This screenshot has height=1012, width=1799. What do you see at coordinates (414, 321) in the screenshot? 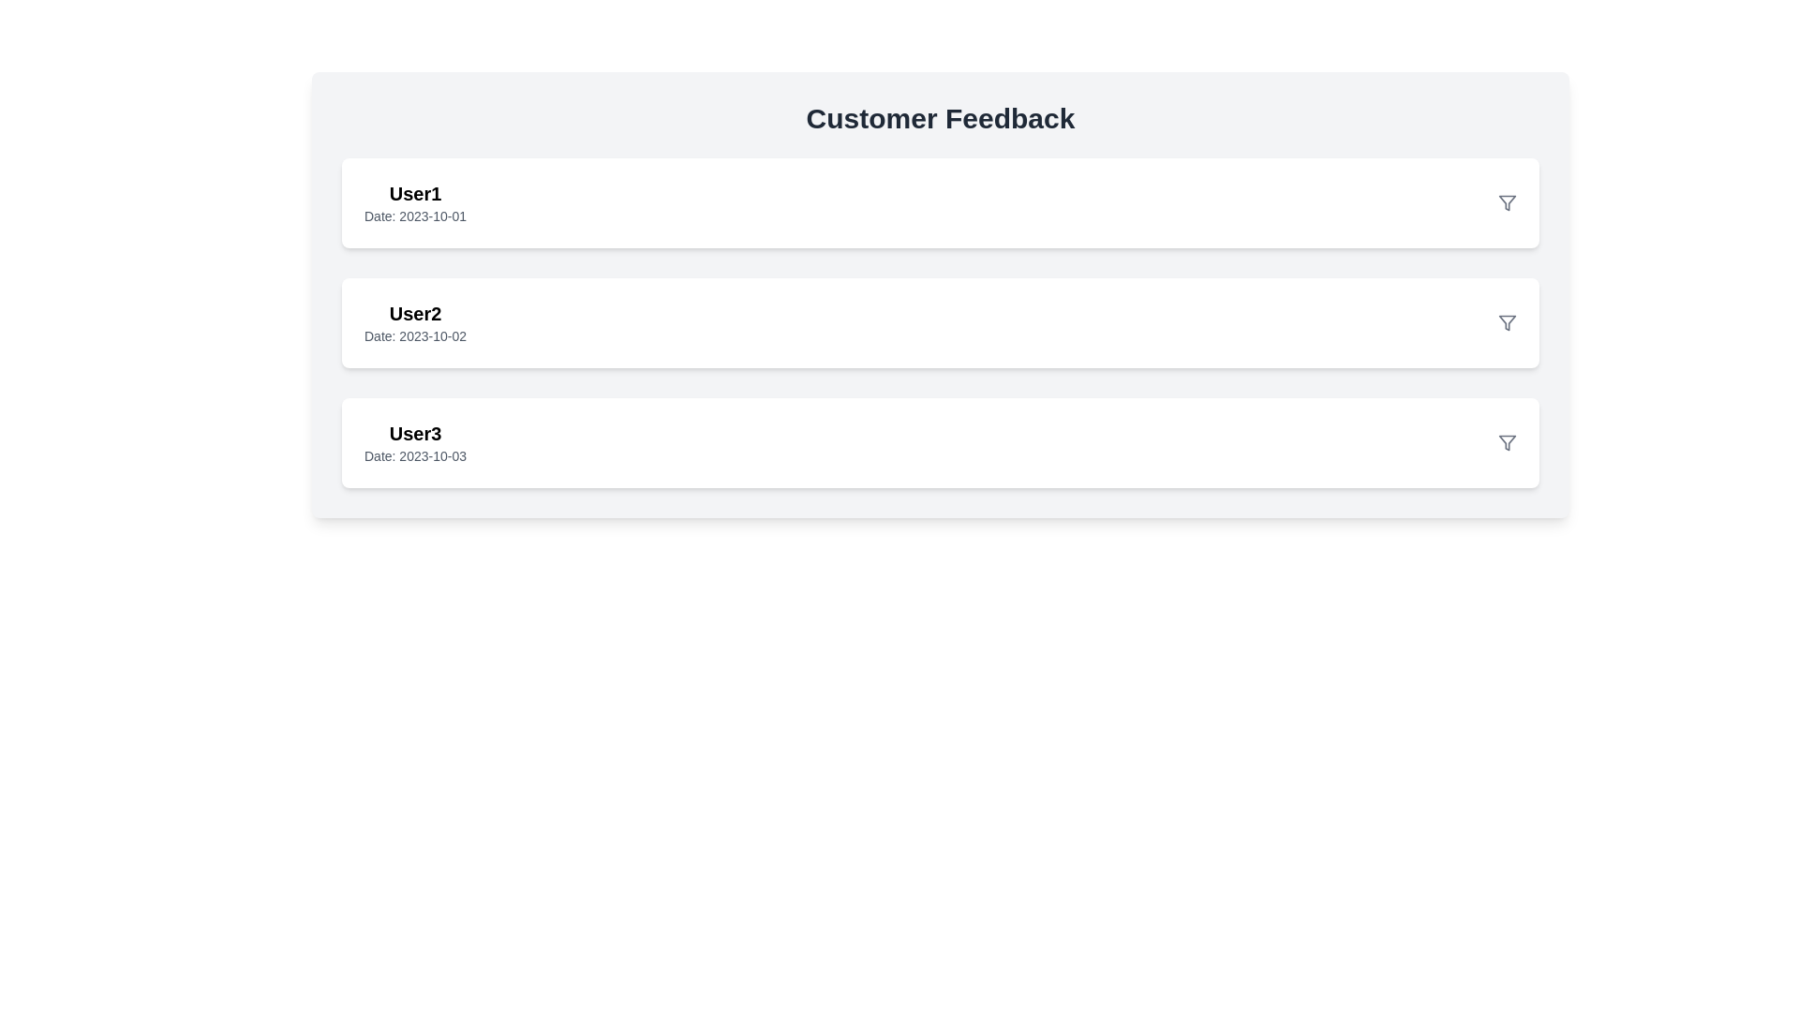
I see `the text-based display component showing 'User2' and 'Date: 2023-10-02' for accessibility context` at bounding box center [414, 321].